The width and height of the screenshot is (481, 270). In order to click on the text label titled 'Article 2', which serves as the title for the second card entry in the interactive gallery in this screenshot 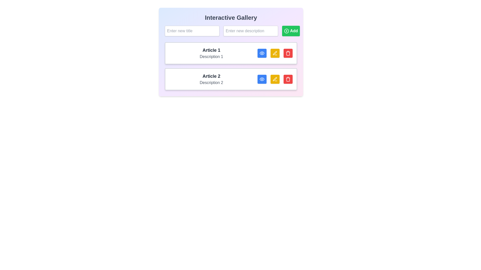, I will do `click(211, 76)`.